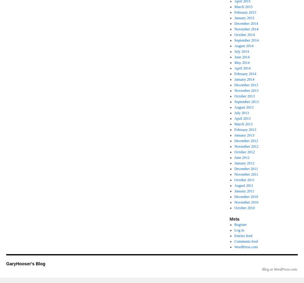 The image size is (304, 283). I want to click on 'February 2015', so click(245, 12).